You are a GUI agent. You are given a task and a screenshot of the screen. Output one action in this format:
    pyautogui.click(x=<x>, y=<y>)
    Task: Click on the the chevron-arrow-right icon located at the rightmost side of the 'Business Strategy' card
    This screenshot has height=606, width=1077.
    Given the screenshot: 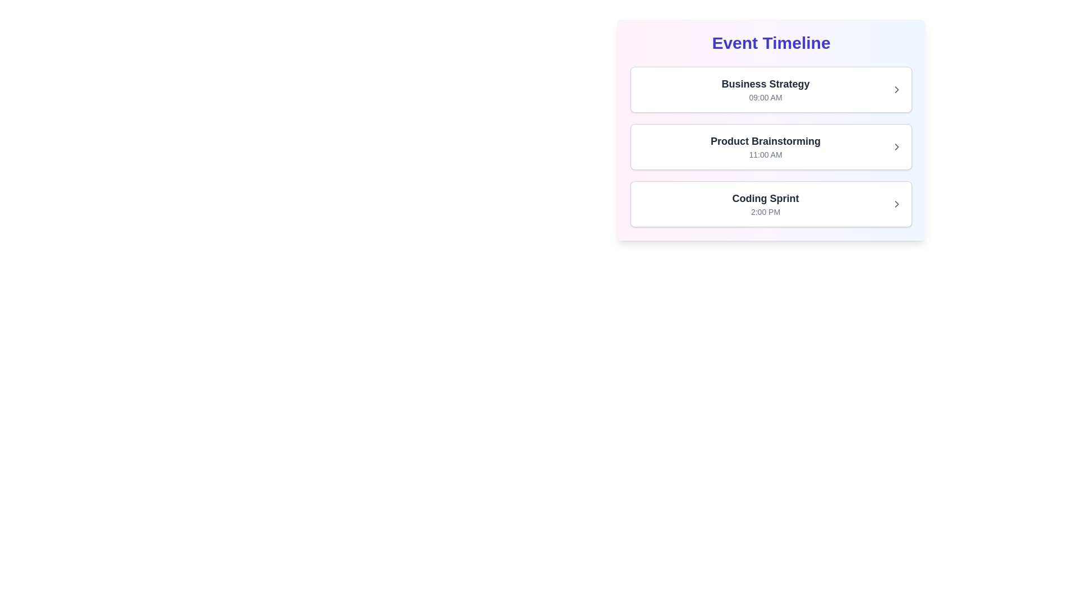 What is the action you would take?
    pyautogui.click(x=896, y=89)
    